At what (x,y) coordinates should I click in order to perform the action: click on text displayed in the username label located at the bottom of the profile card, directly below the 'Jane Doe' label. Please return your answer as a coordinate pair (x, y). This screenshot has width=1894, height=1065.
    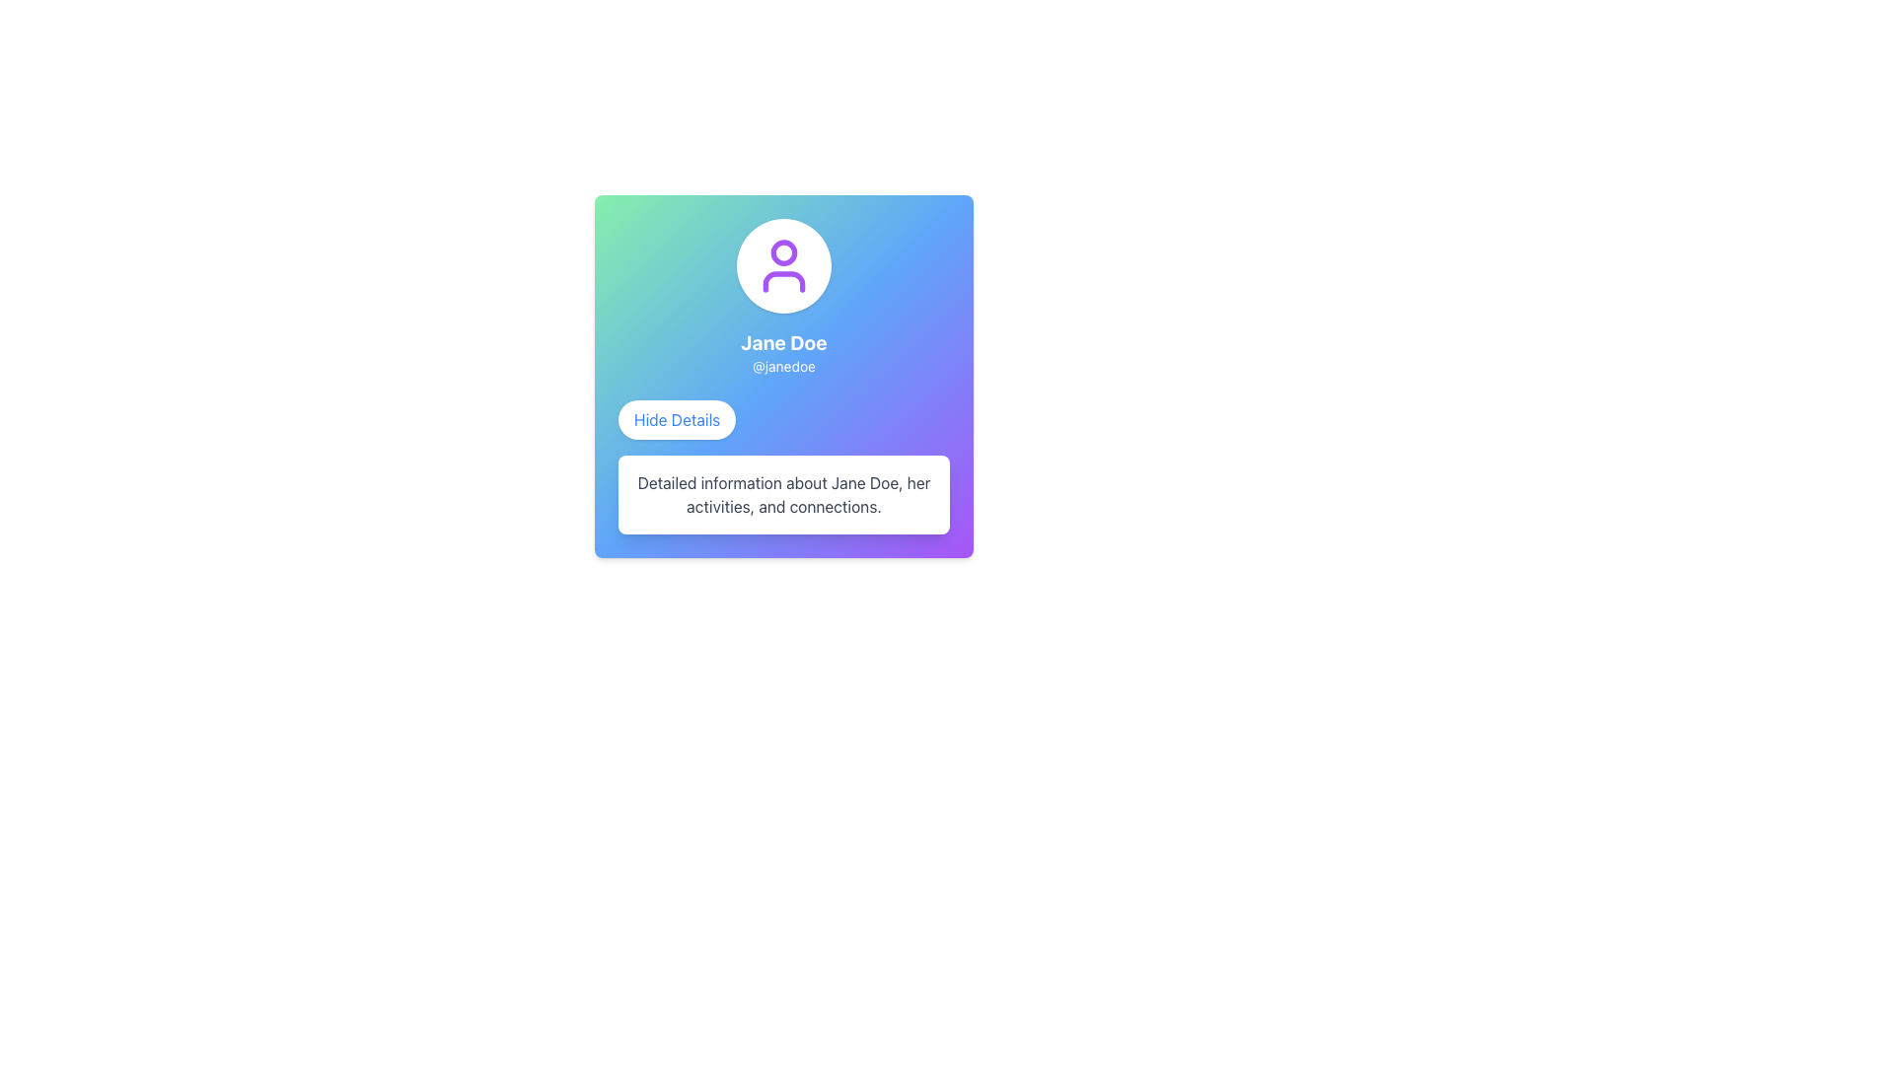
    Looking at the image, I should click on (783, 366).